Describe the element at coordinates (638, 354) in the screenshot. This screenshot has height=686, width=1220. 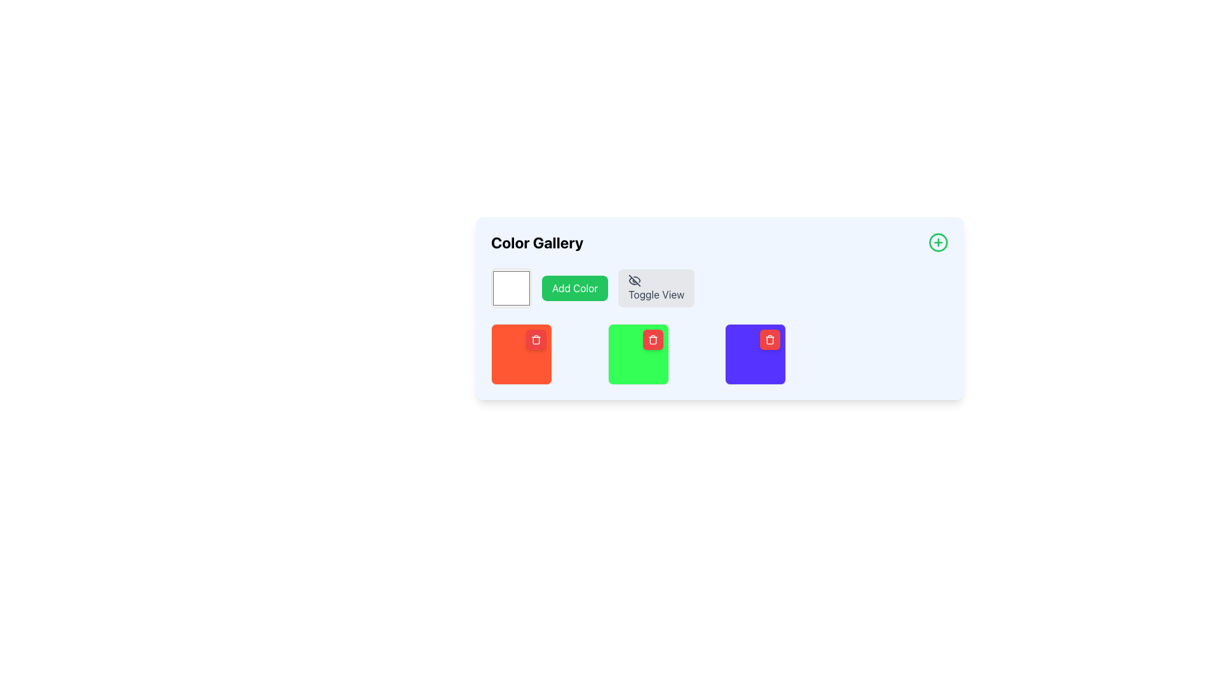
I see `the second selectable color block with a trash icon button in the color selection panel` at that location.